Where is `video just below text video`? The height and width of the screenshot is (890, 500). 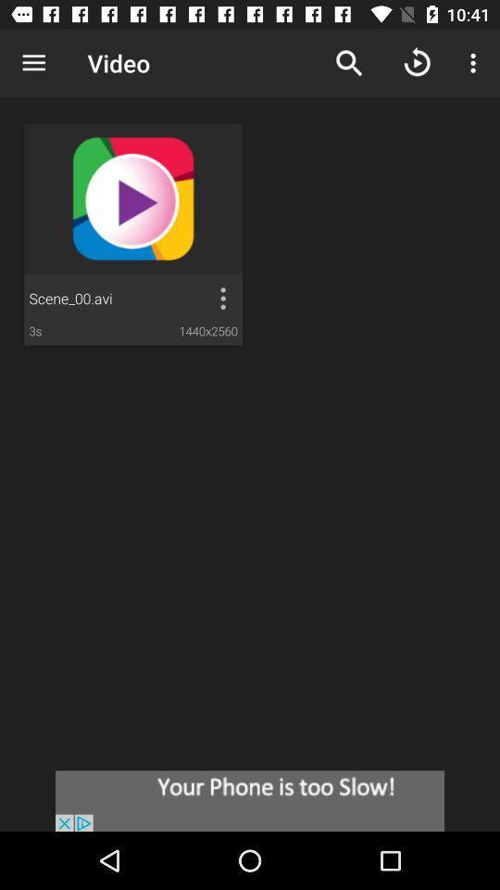 video just below text video is located at coordinates (132, 234).